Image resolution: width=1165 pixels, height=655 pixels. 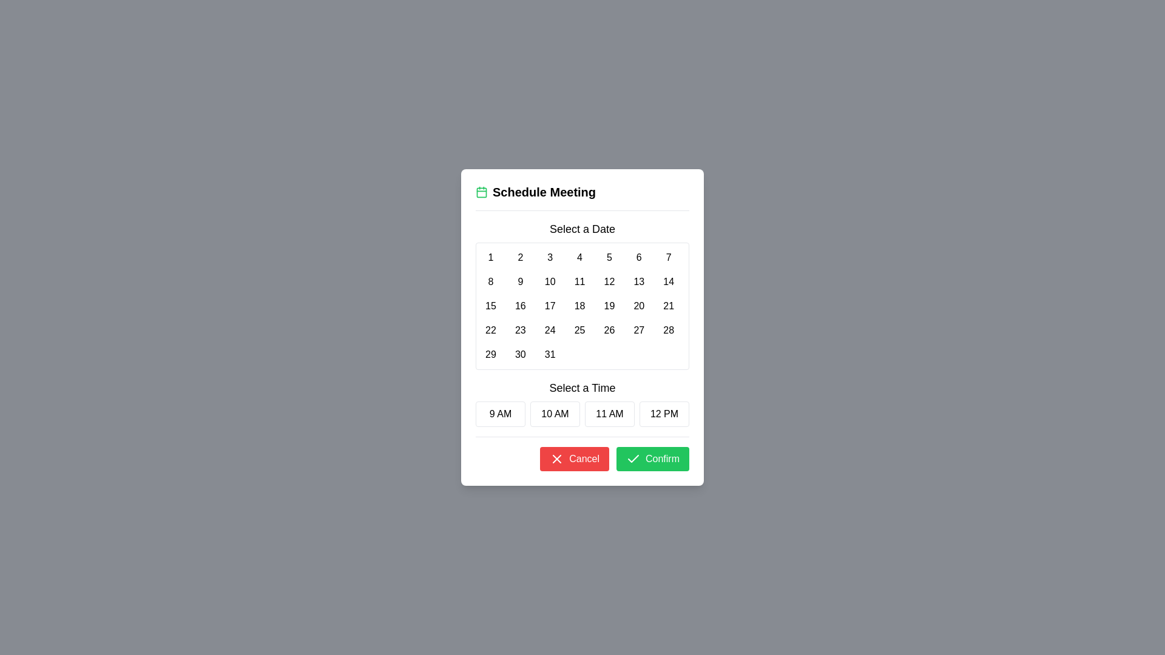 I want to click on the button representing the 16th day of the month in the scheduling calendar, so click(x=520, y=306).